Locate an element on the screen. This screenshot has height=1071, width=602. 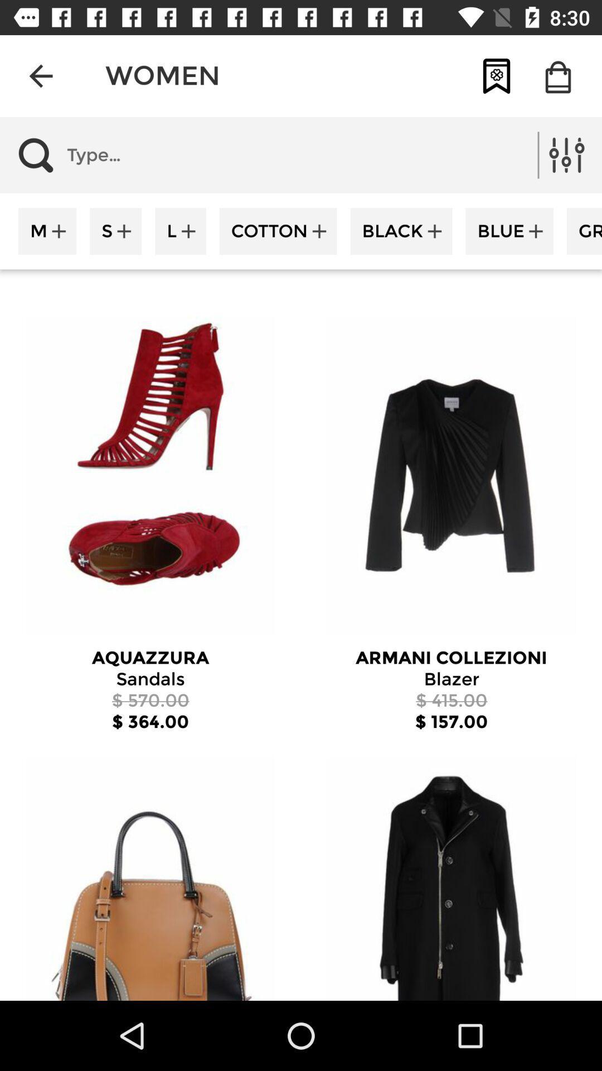
cotton icon is located at coordinates (278, 230).